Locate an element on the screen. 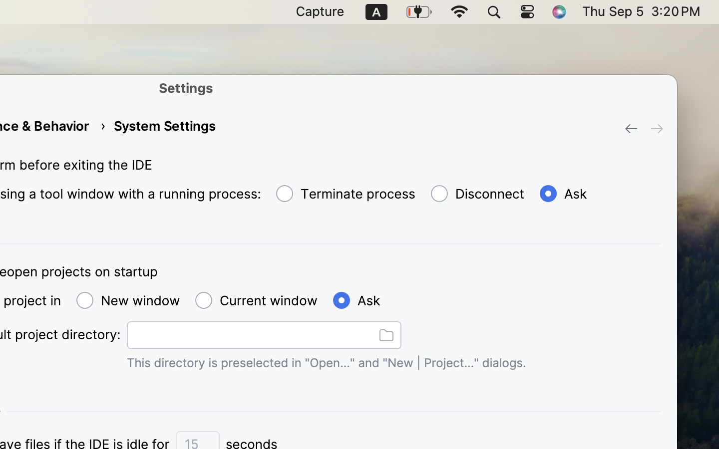  'Settings' is located at coordinates (185, 88).